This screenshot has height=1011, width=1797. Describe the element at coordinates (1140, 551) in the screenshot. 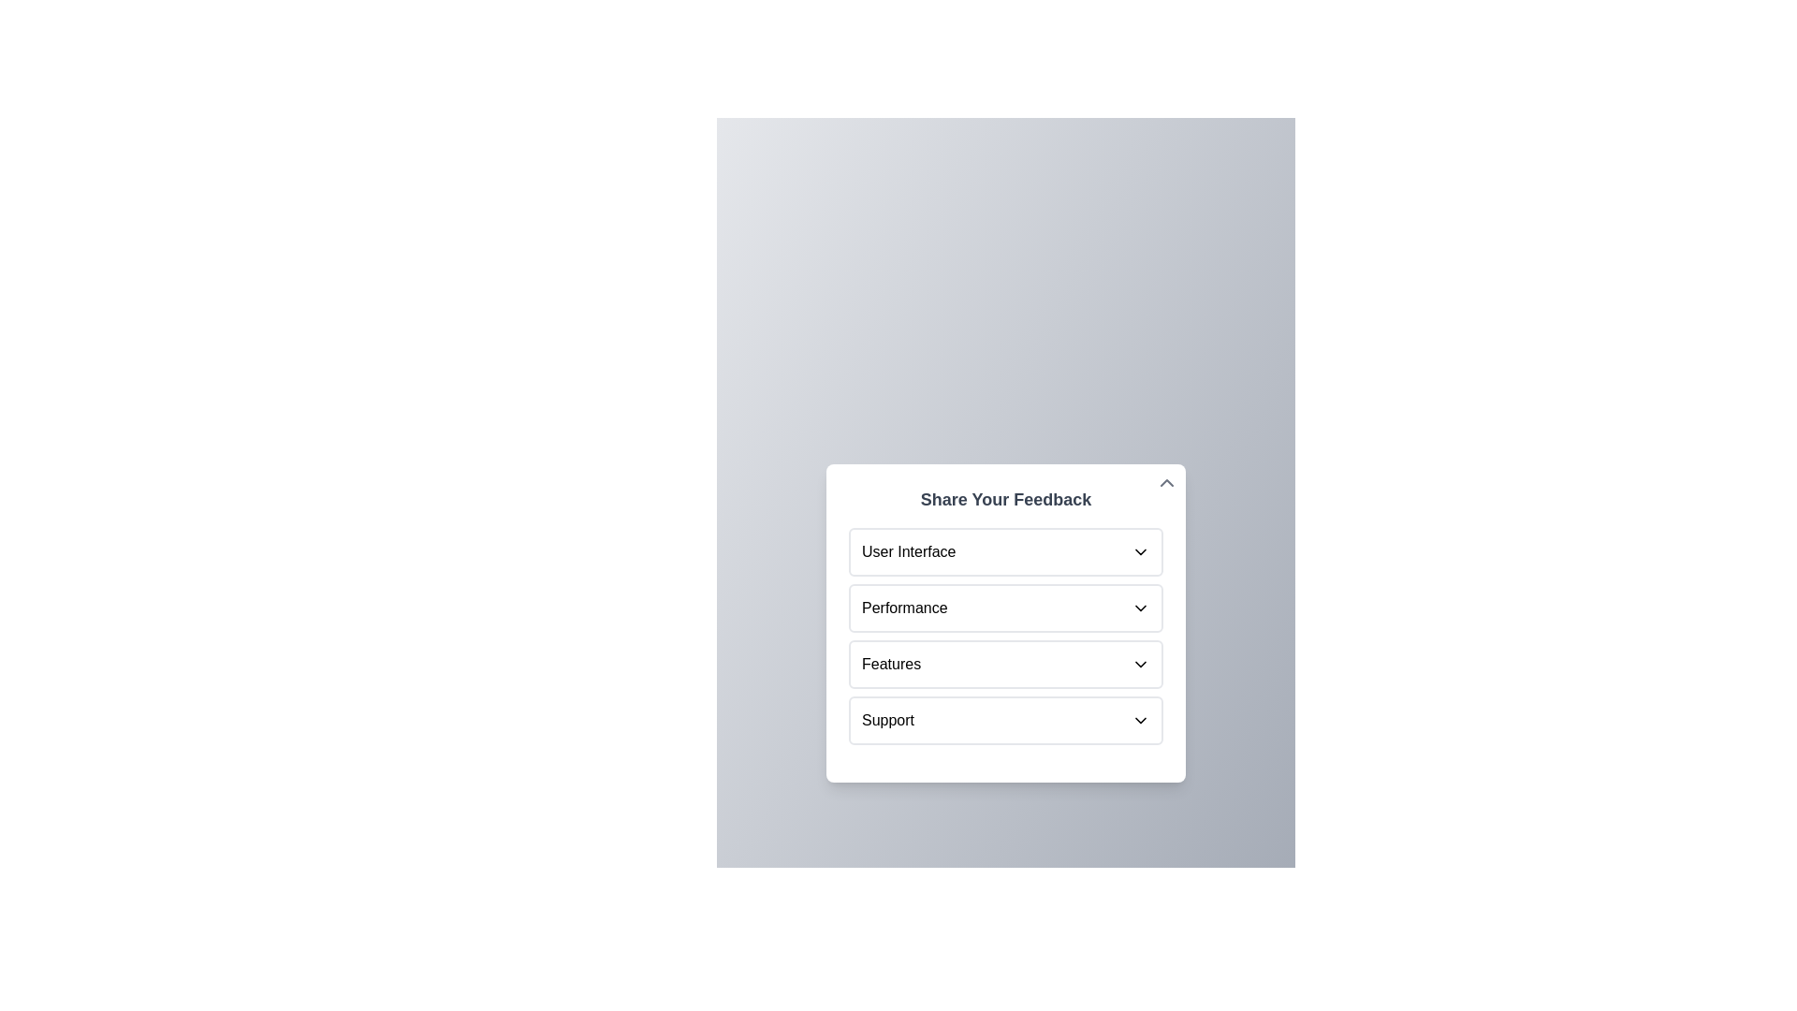

I see `the chevron-down indicator icon, which is a black downward-pointing chevron located at the far-right end of the section labeled 'User Interface'` at that location.